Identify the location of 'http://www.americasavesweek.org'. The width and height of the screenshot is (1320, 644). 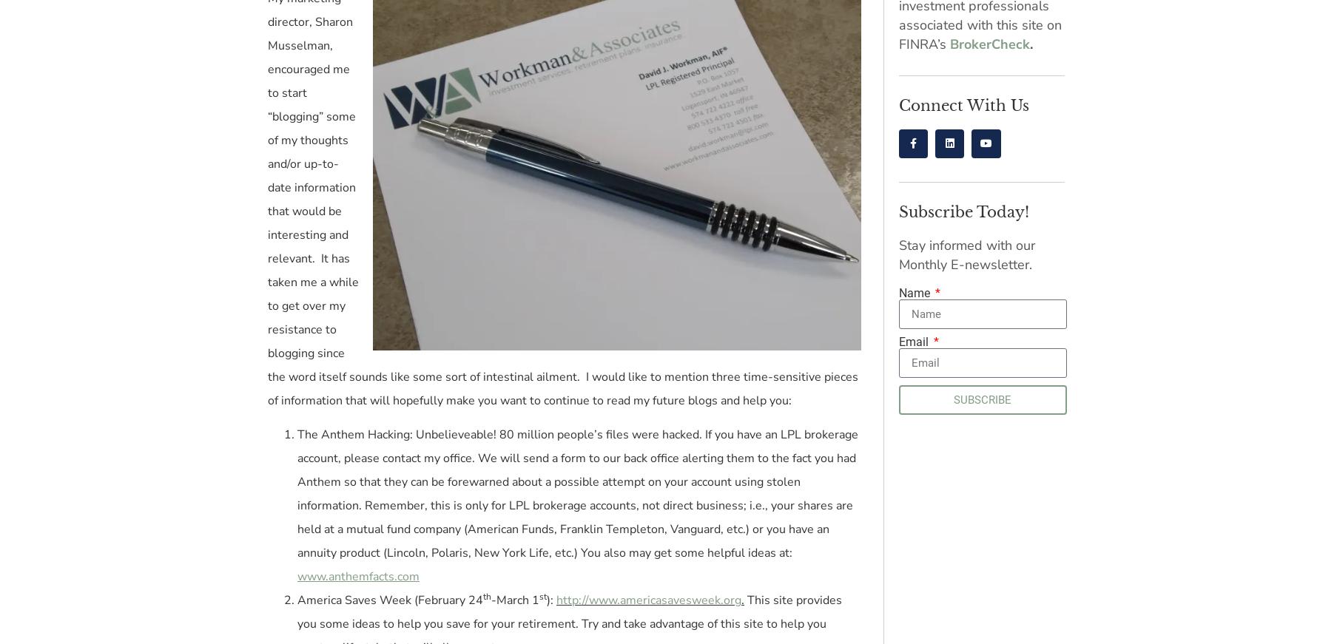
(648, 600).